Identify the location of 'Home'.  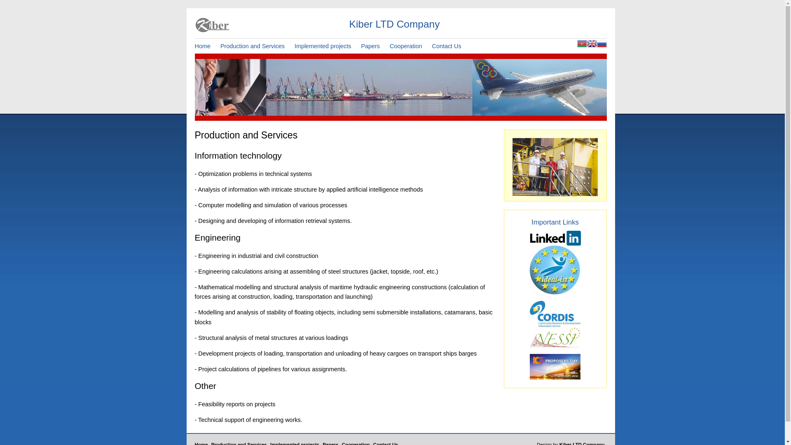
(206, 46).